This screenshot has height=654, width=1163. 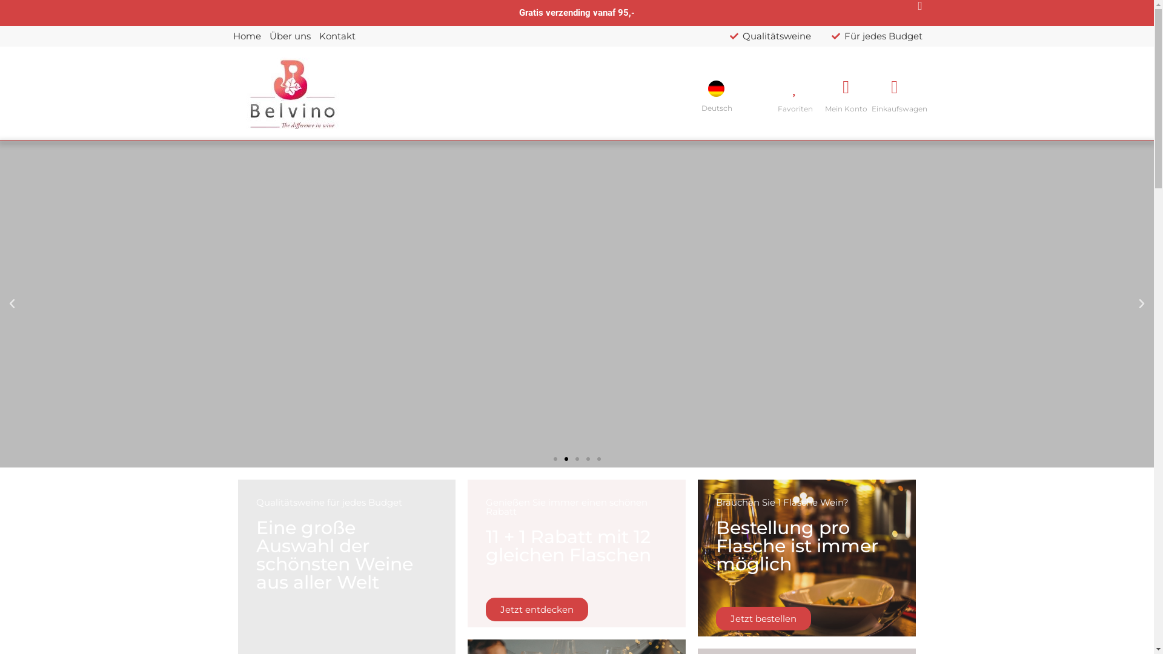 I want to click on 'Deutsch', so click(x=708, y=88).